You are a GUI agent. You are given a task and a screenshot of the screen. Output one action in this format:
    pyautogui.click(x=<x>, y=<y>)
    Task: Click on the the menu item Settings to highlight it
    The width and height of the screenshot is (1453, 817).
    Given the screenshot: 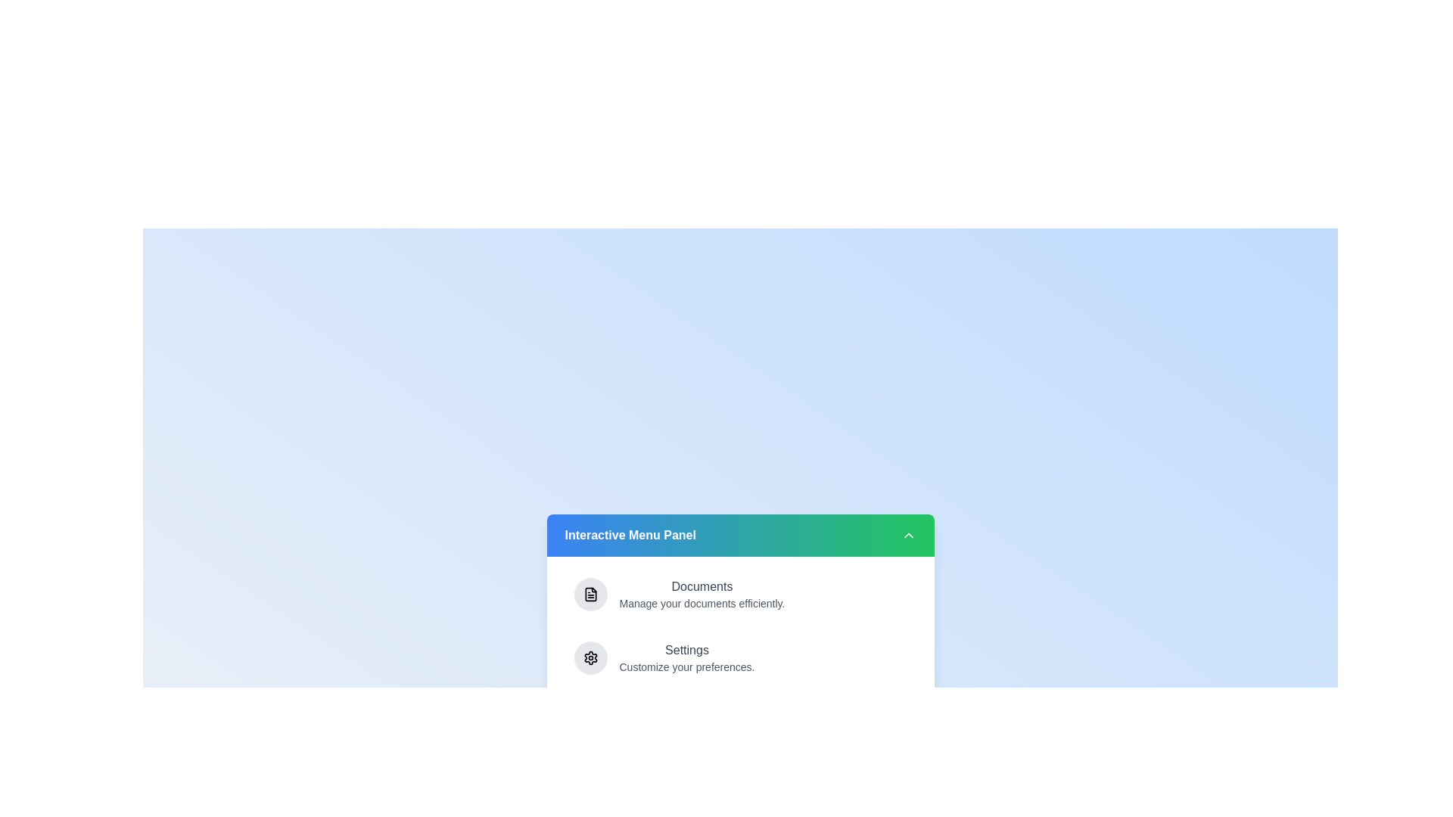 What is the action you would take?
    pyautogui.click(x=740, y=657)
    